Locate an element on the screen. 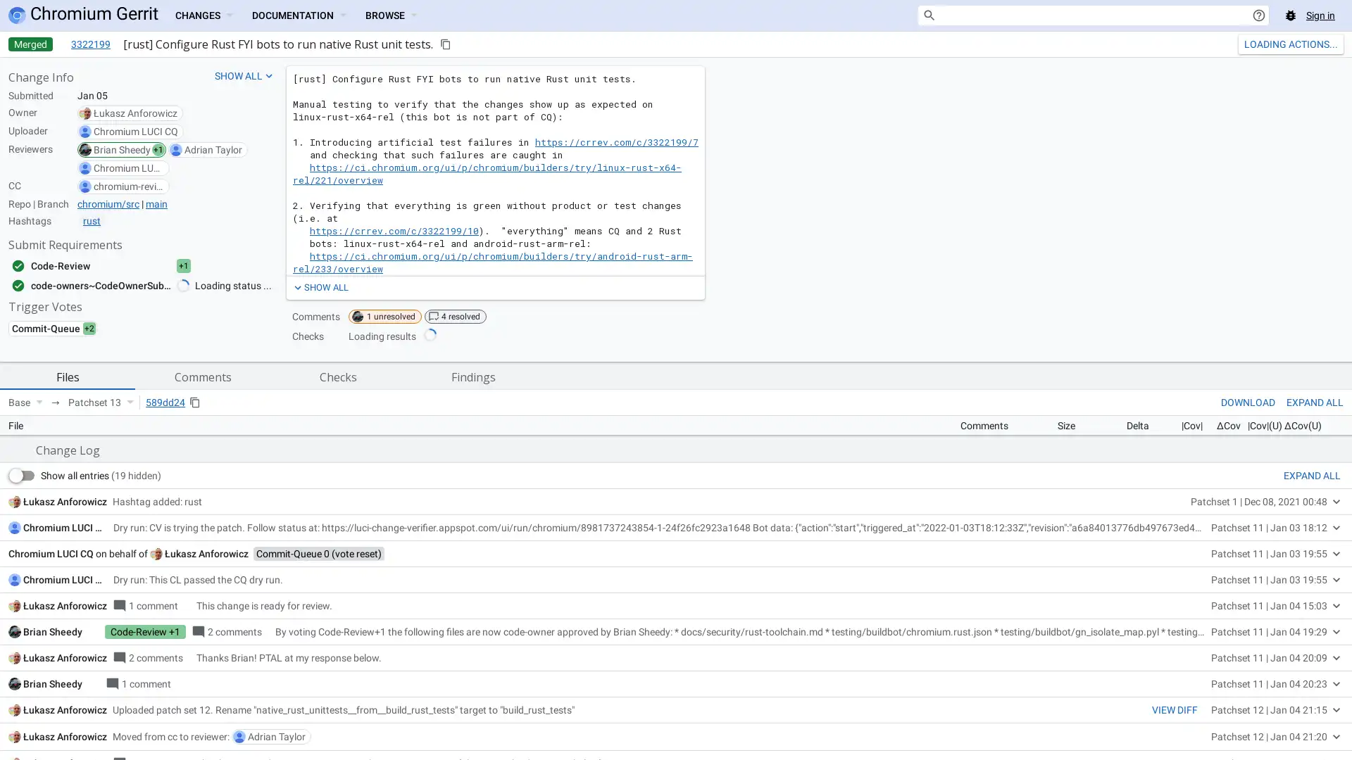  CREATE RELAND is located at coordinates (1277, 43).